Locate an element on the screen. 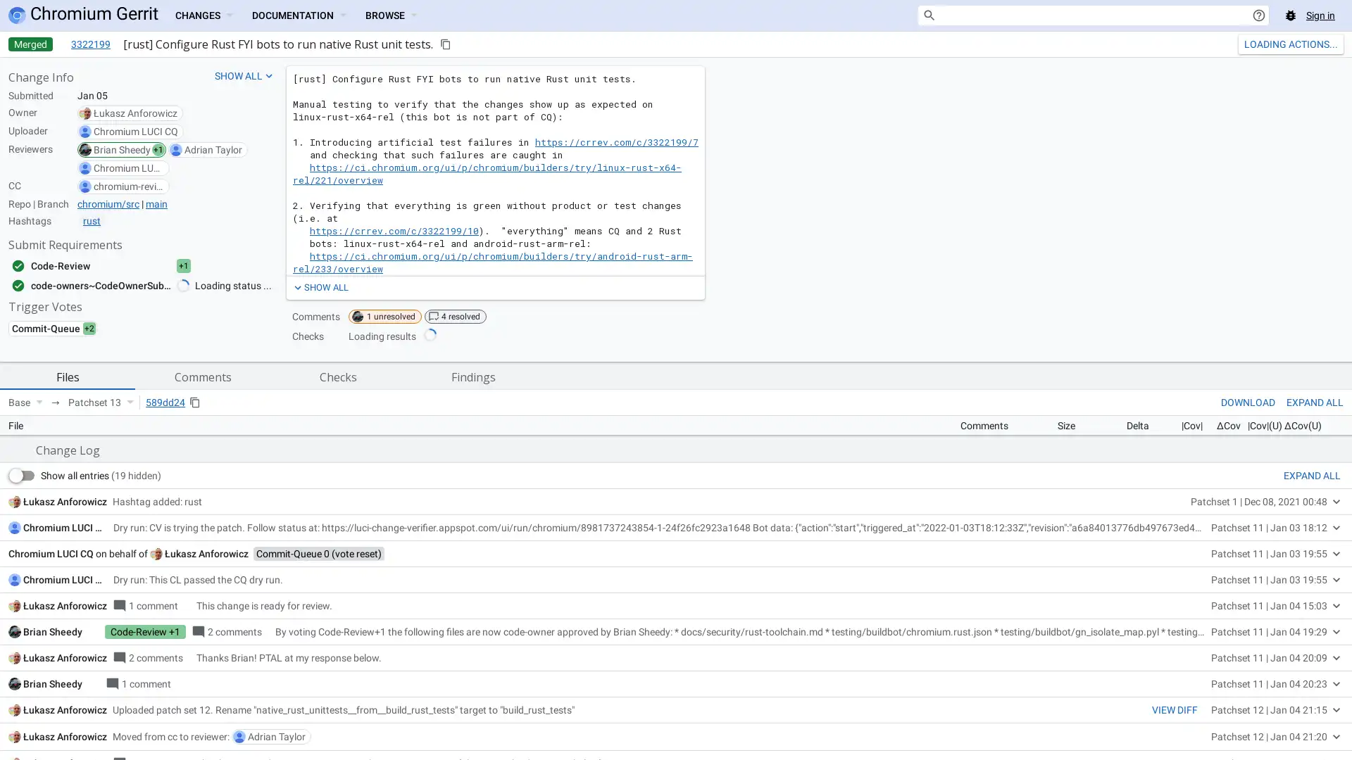  CREATE RELAND is located at coordinates (1277, 43).